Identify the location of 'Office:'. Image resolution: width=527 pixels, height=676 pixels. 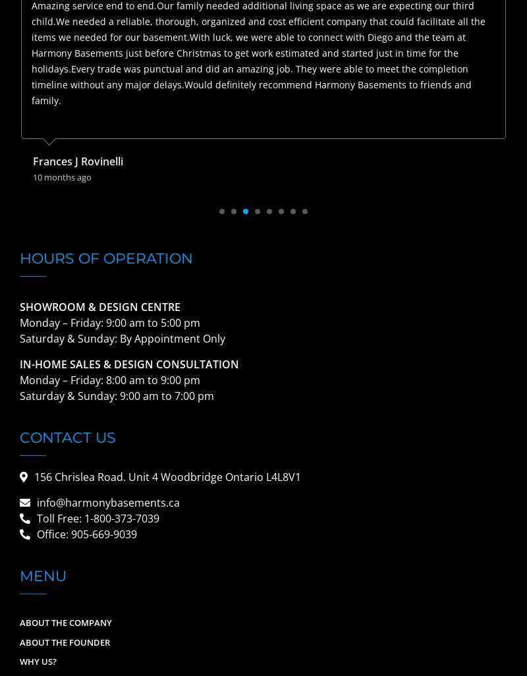
(53, 533).